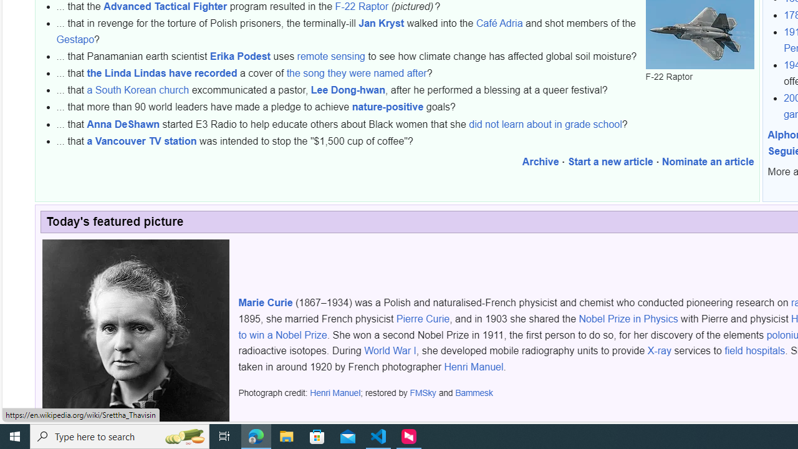 The height and width of the screenshot is (449, 798). Describe the element at coordinates (331, 56) in the screenshot. I see `'remote sensing'` at that location.